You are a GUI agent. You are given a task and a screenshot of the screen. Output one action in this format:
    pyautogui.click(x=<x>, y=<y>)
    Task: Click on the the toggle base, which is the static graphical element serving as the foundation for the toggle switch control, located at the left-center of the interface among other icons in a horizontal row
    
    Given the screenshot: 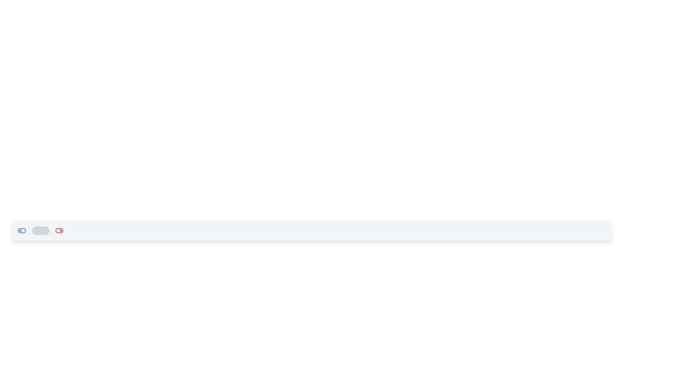 What is the action you would take?
    pyautogui.click(x=22, y=230)
    